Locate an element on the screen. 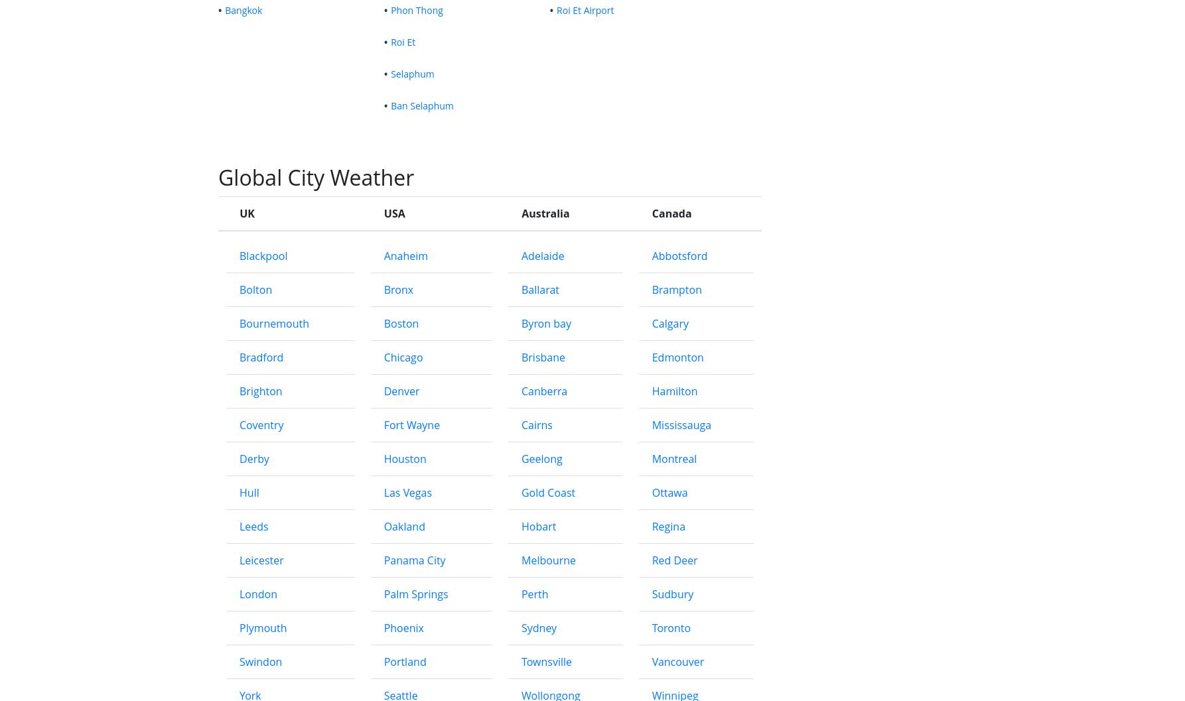 Image resolution: width=1185 pixels, height=701 pixels. 'Montreal' is located at coordinates (674, 654).